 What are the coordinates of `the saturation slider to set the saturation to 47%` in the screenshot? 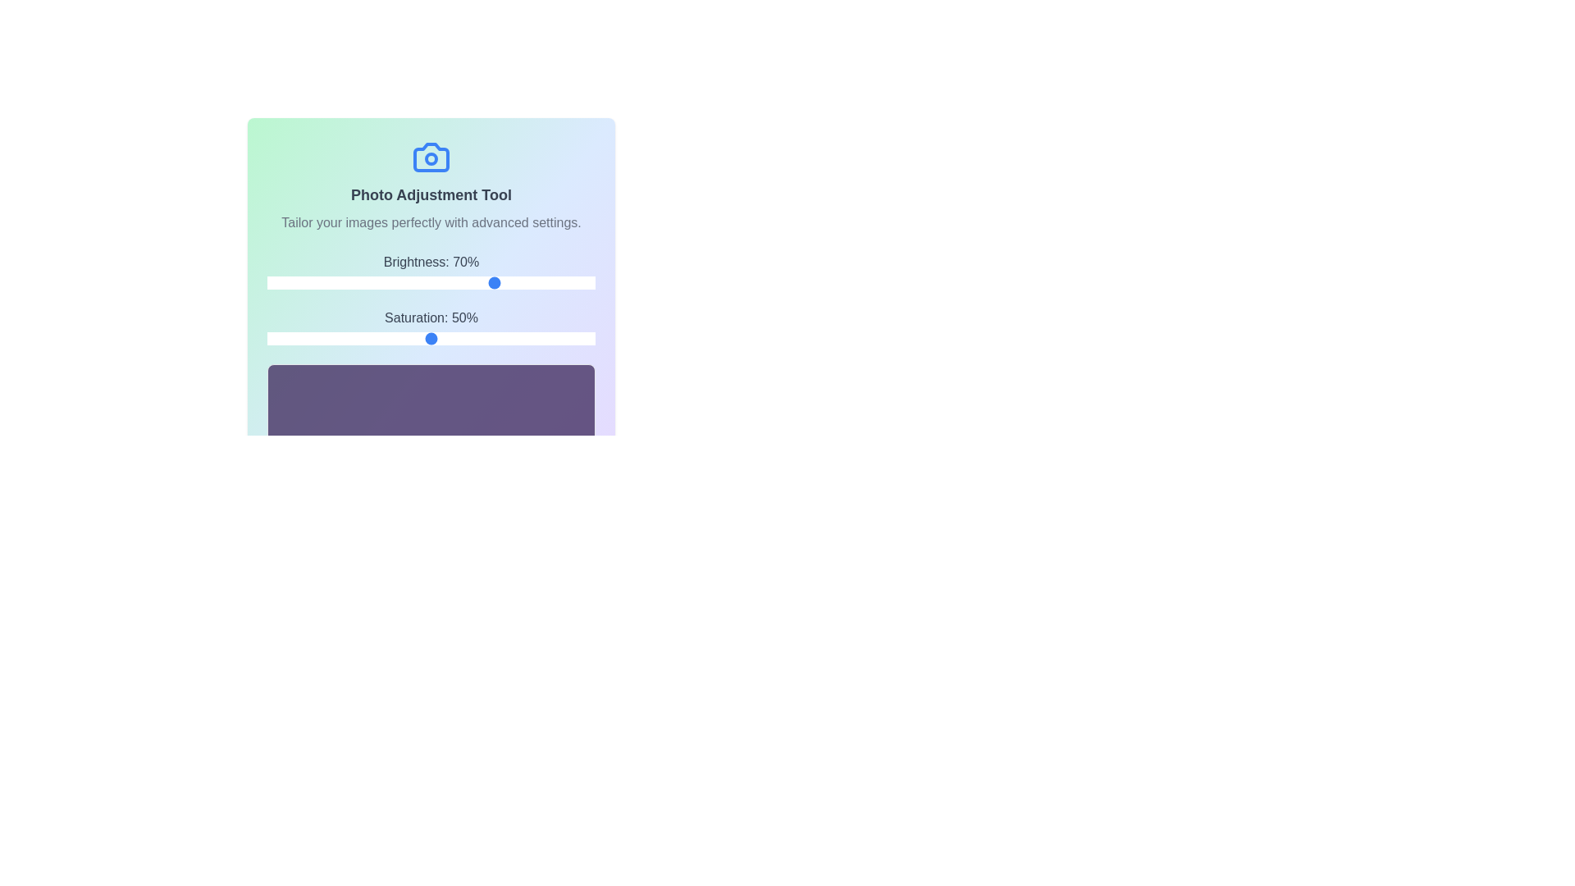 It's located at (421, 337).